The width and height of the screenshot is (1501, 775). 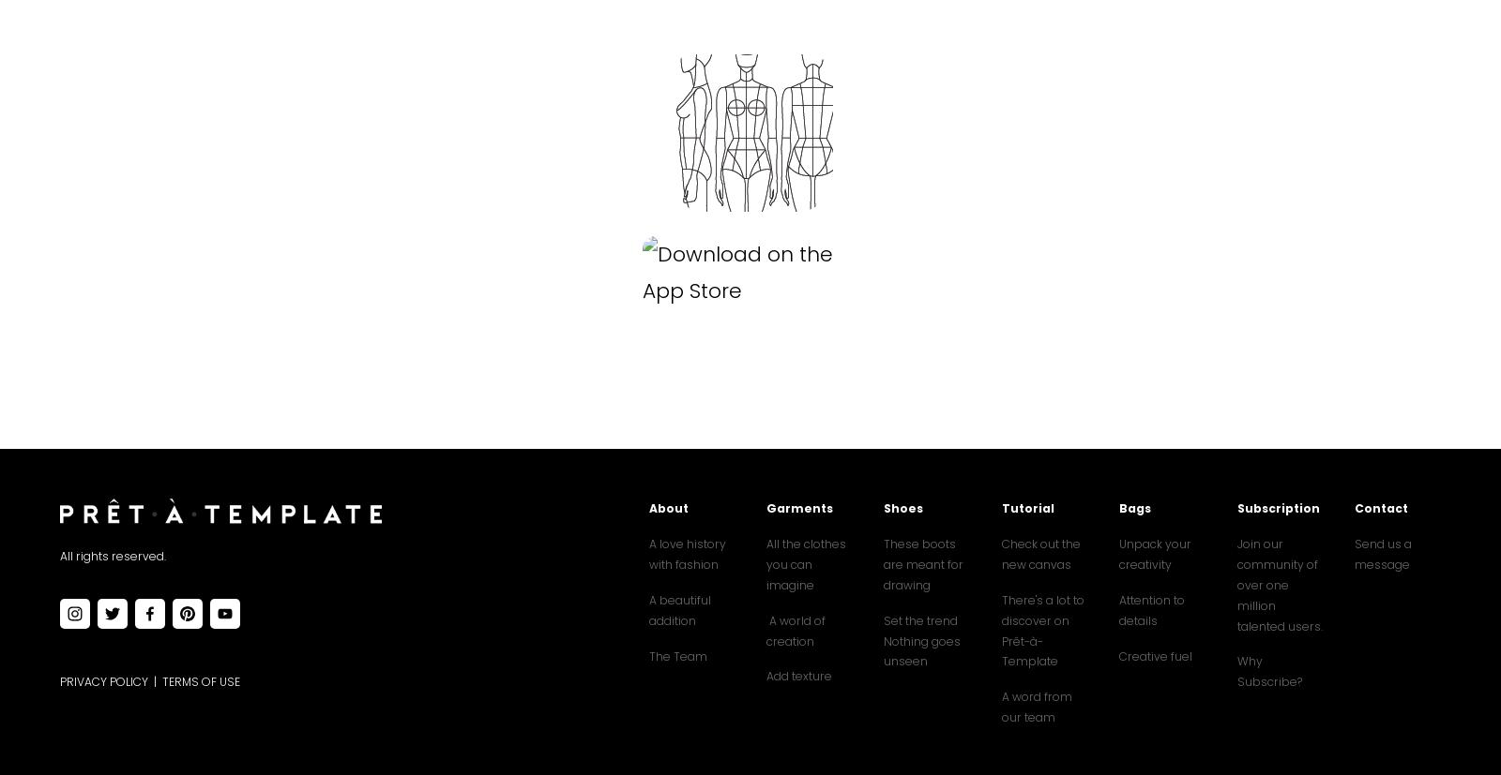 What do you see at coordinates (1133, 507) in the screenshot?
I see `'Bags'` at bounding box center [1133, 507].